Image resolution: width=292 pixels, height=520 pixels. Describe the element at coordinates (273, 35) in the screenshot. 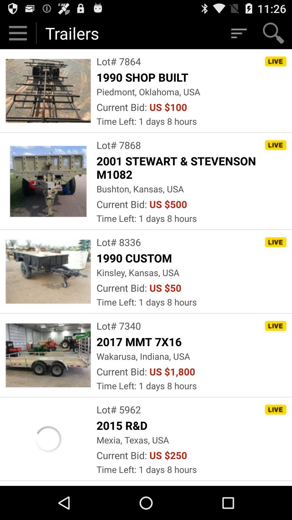

I see `the search icon` at that location.